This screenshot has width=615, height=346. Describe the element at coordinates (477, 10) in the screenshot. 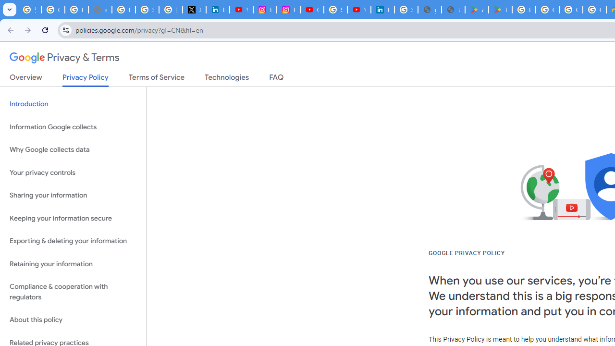

I see `'Android Apps on Google Play'` at that location.